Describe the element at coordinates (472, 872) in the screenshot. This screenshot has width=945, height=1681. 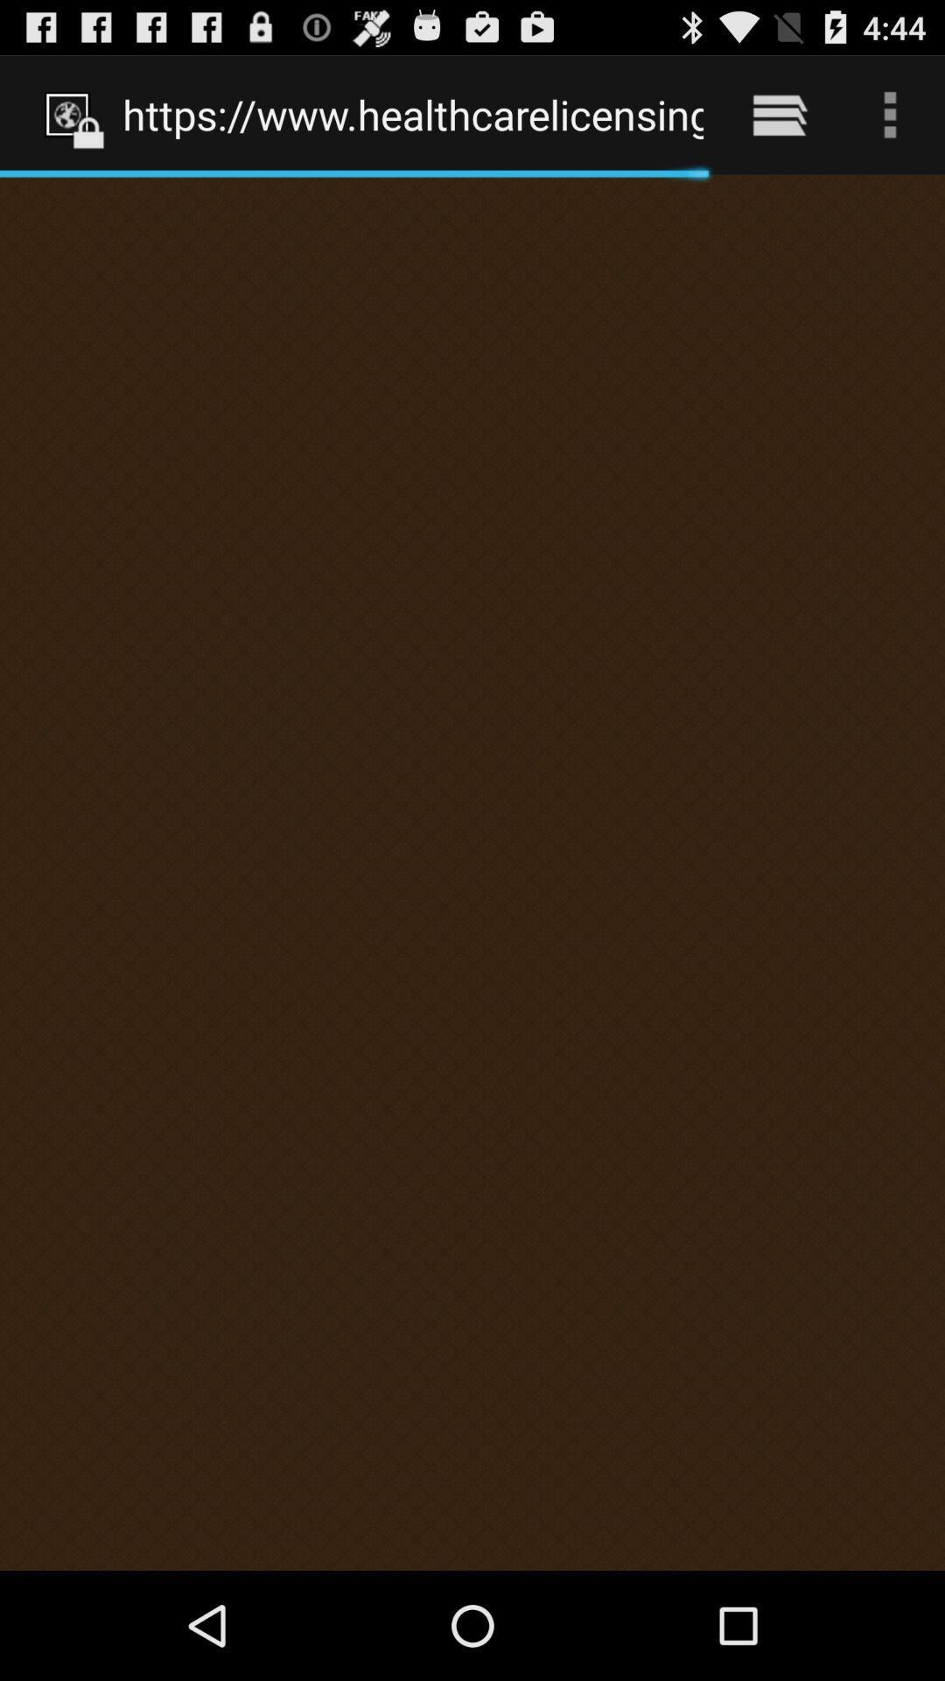
I see `icon below https www healthcarelicensing item` at that location.